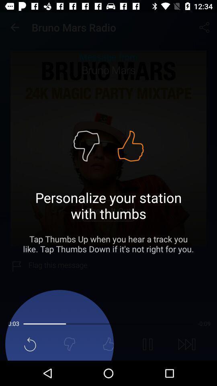 The width and height of the screenshot is (217, 386). Describe the element at coordinates (30, 344) in the screenshot. I see `the refresh icon` at that location.